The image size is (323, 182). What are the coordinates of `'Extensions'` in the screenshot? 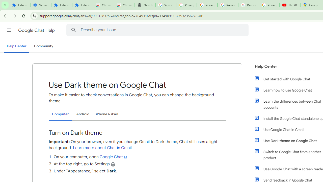 It's located at (83, 5).